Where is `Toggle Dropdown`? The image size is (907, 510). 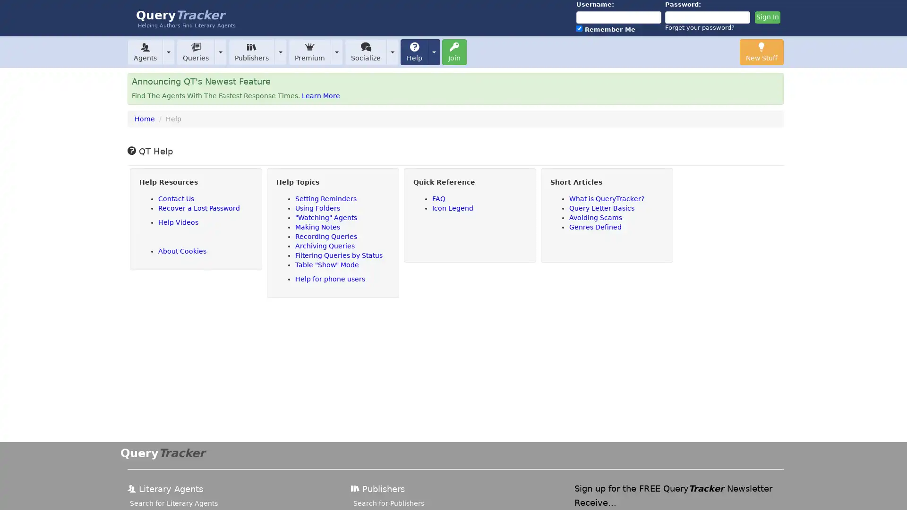
Toggle Dropdown is located at coordinates (280, 51).